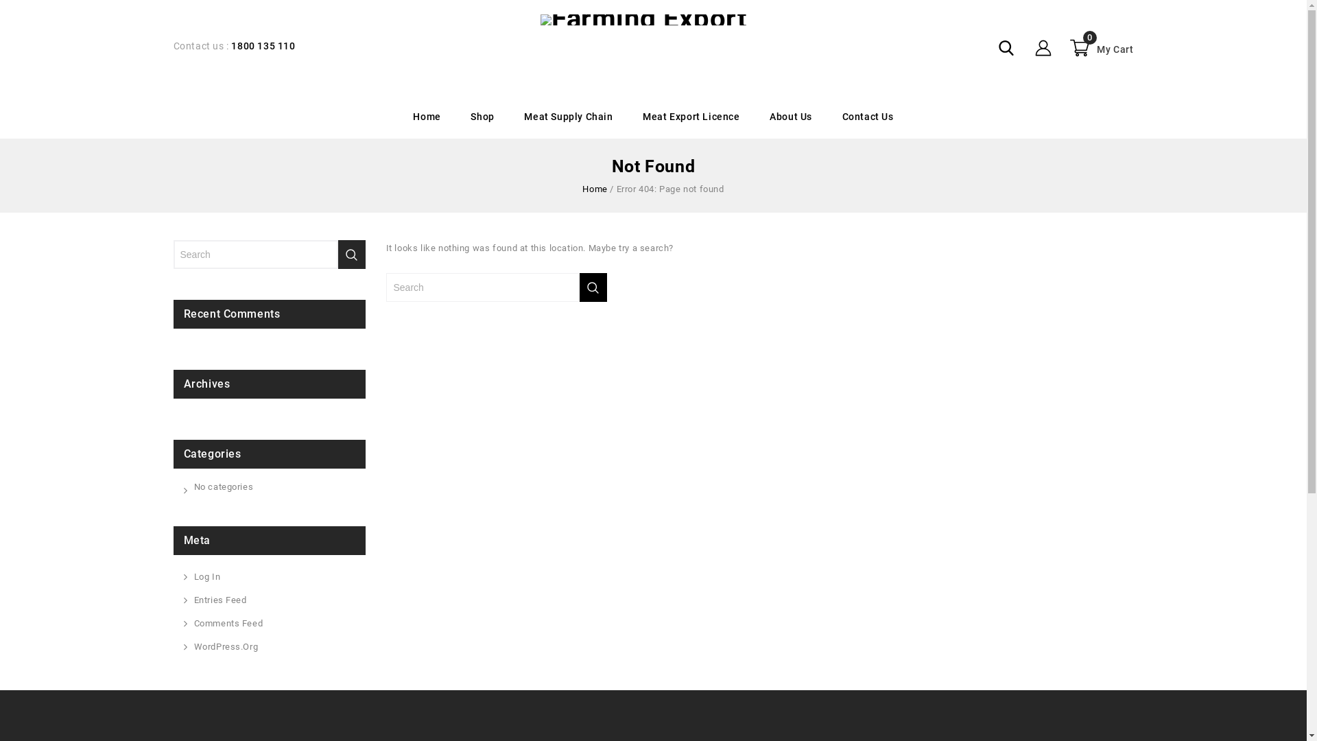  Describe the element at coordinates (226, 646) in the screenshot. I see `'WordPress.Org'` at that location.